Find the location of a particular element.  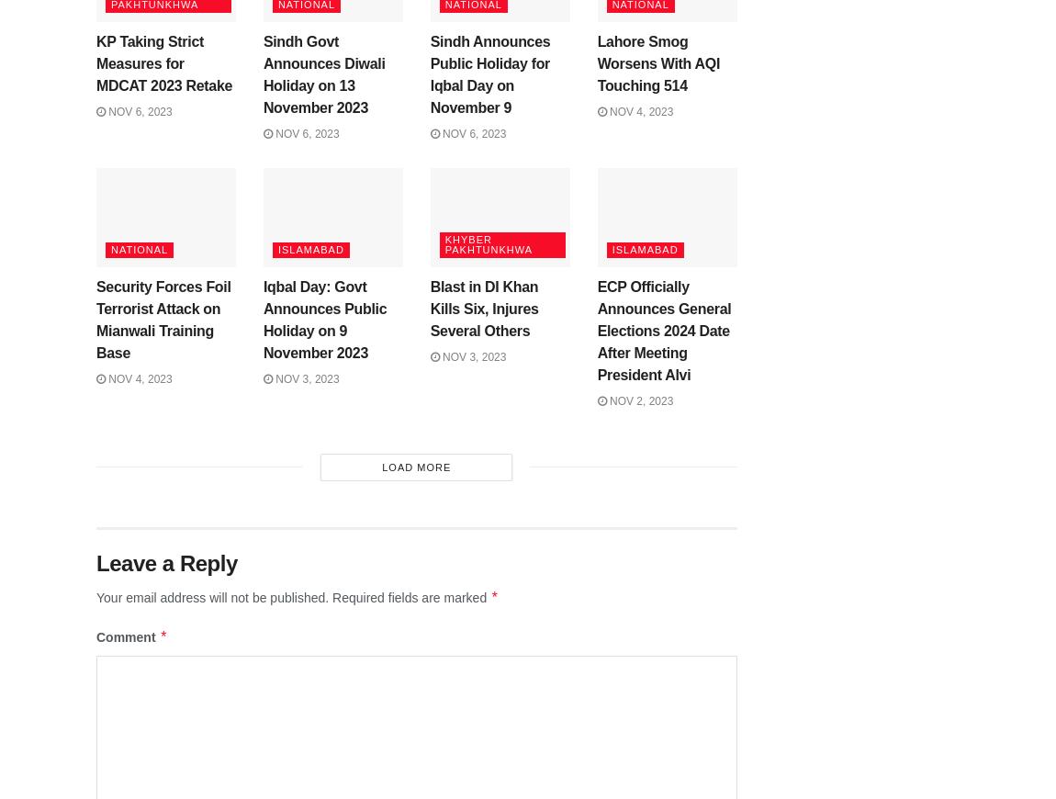

'Your email address will not be published.' is located at coordinates (211, 597).